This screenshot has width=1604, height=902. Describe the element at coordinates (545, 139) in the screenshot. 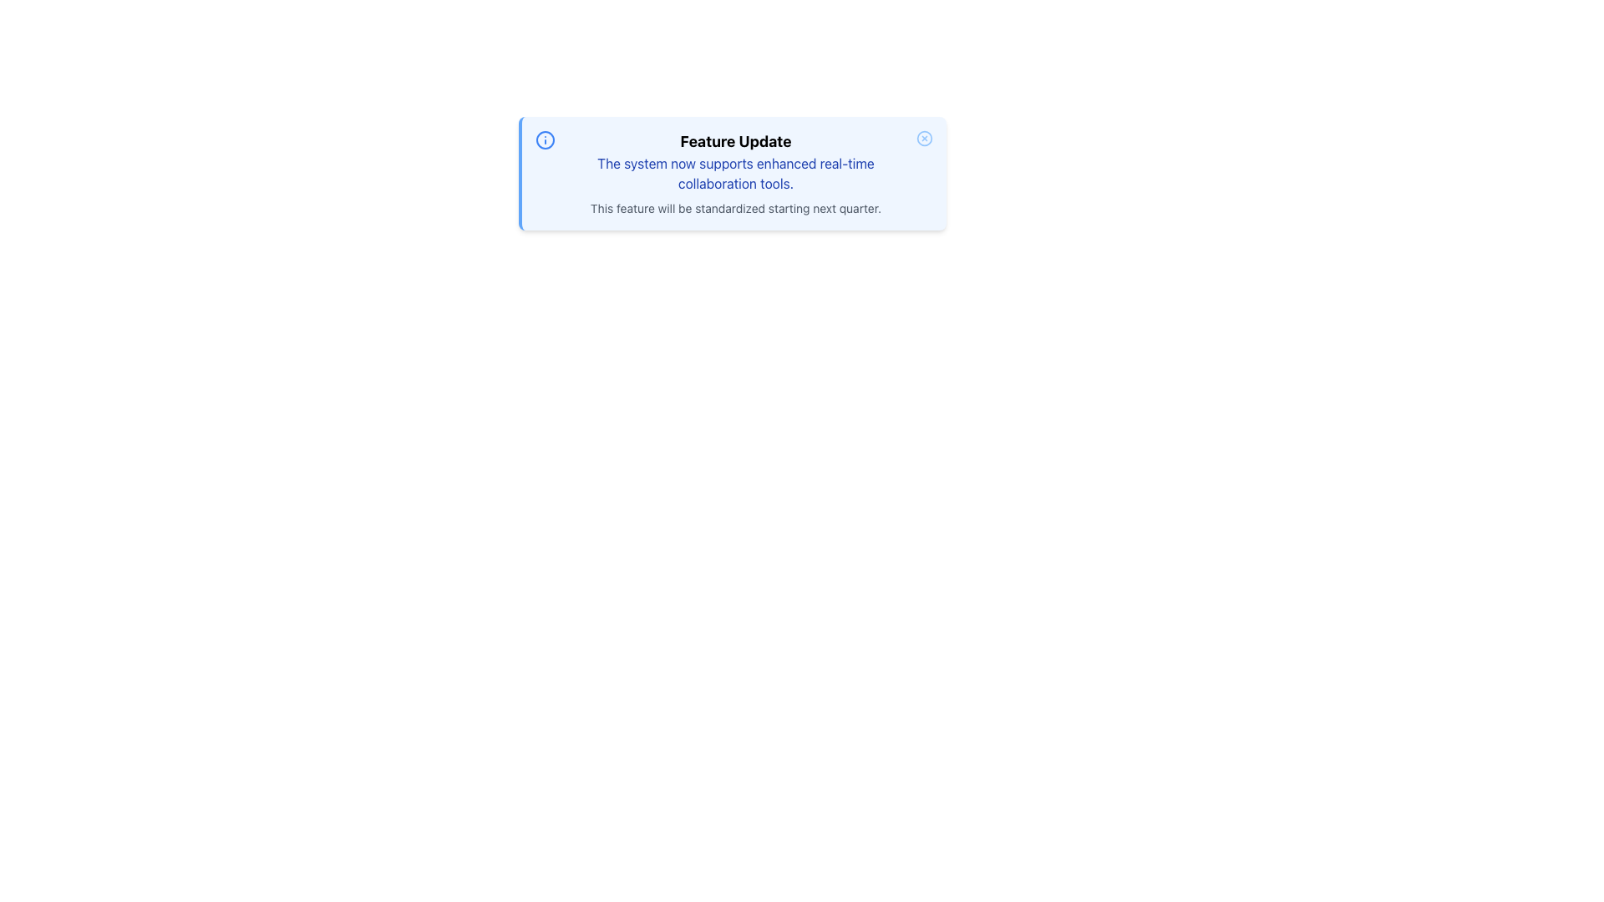

I see `the SVG circle icon located in the upper-left corner of the notification box with blue borders` at that location.